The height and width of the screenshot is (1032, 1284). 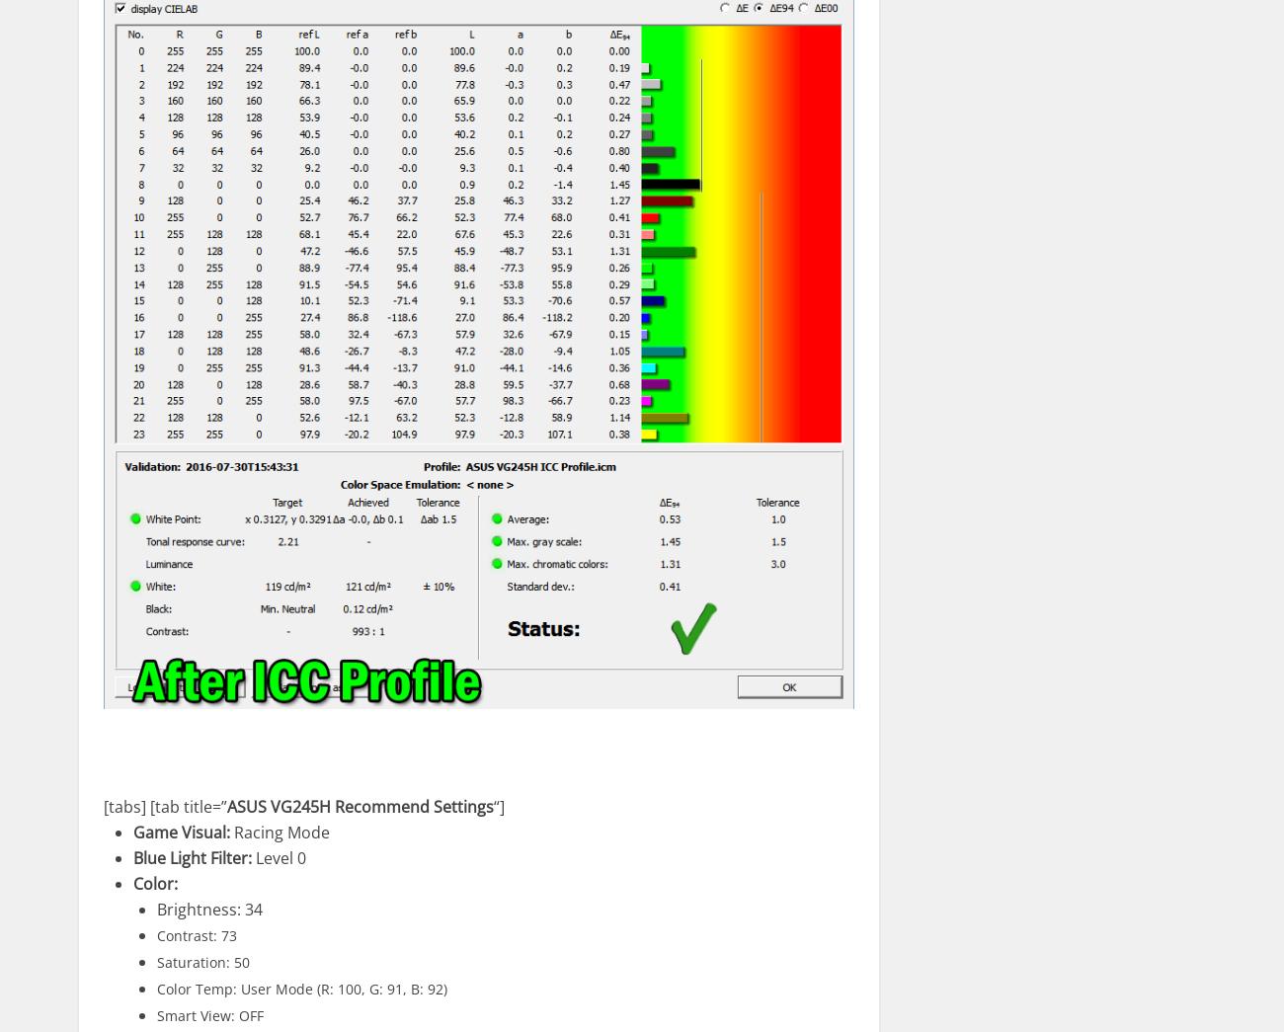 What do you see at coordinates (209, 909) in the screenshot?
I see `'Brightness: 34'` at bounding box center [209, 909].